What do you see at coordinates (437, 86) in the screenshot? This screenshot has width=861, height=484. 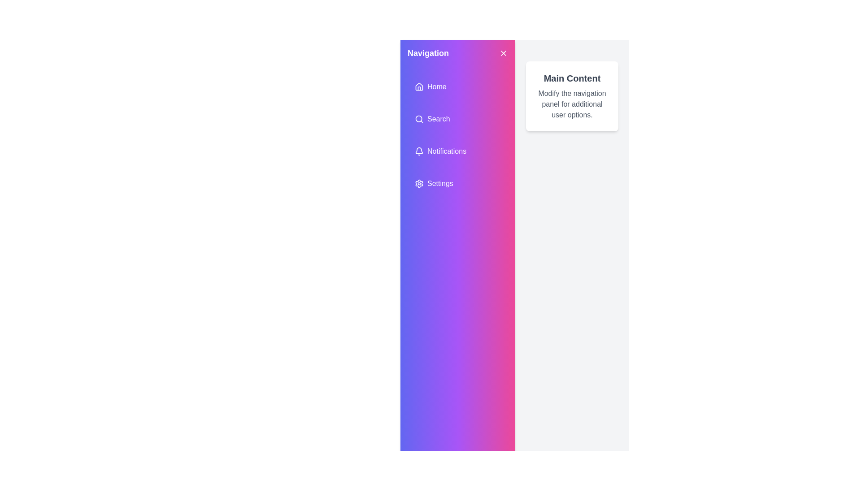 I see `the 'Home' navigation label located in the upper portion of the navigation panel next to the house-shaped icon` at bounding box center [437, 86].